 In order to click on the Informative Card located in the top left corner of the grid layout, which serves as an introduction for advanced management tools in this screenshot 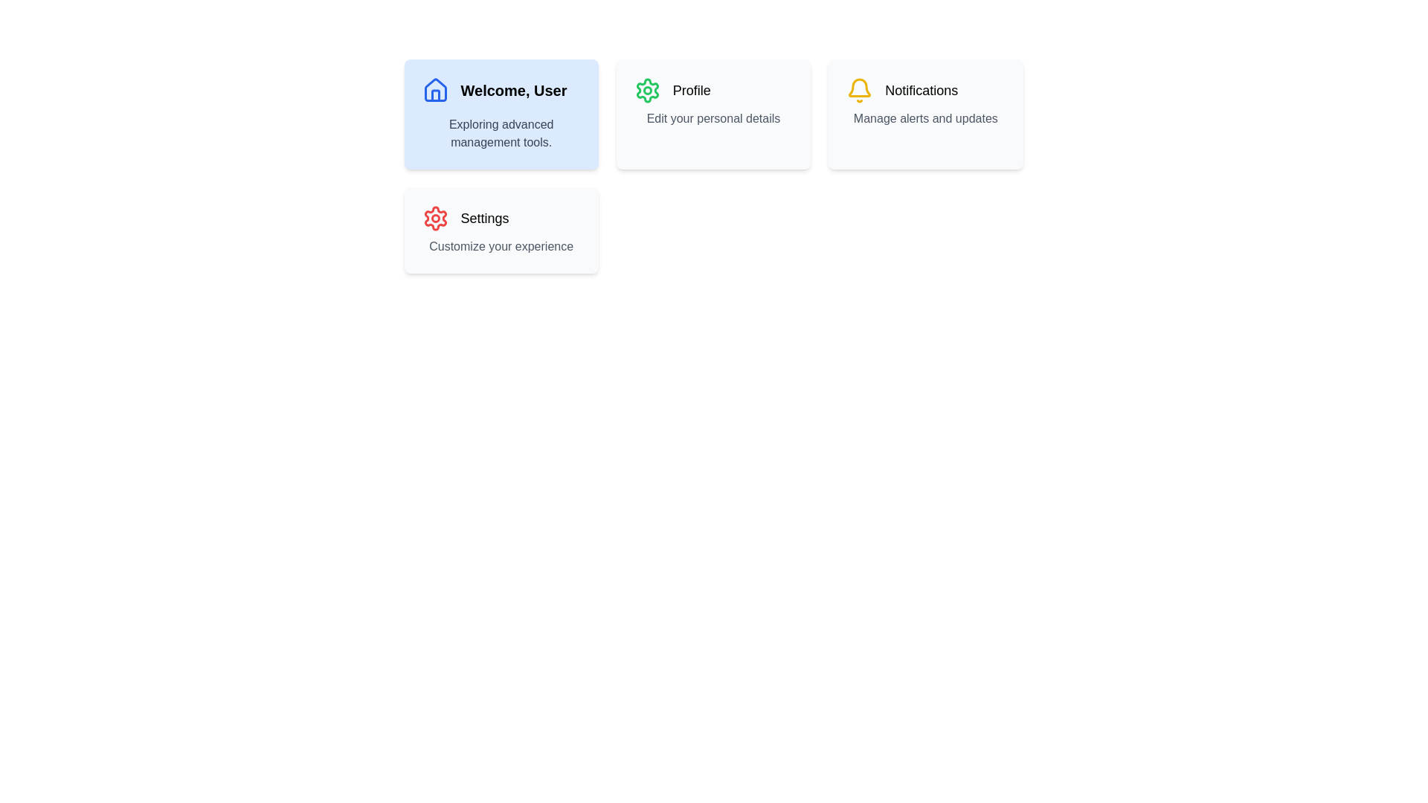, I will do `click(501, 114)`.